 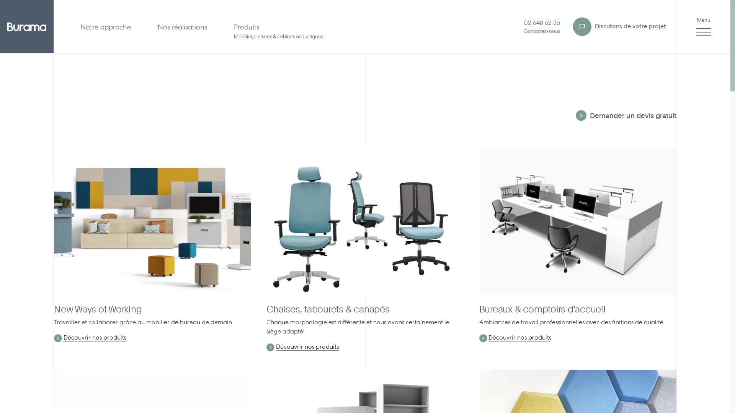 I want to click on 'Produits', so click(x=246, y=26).